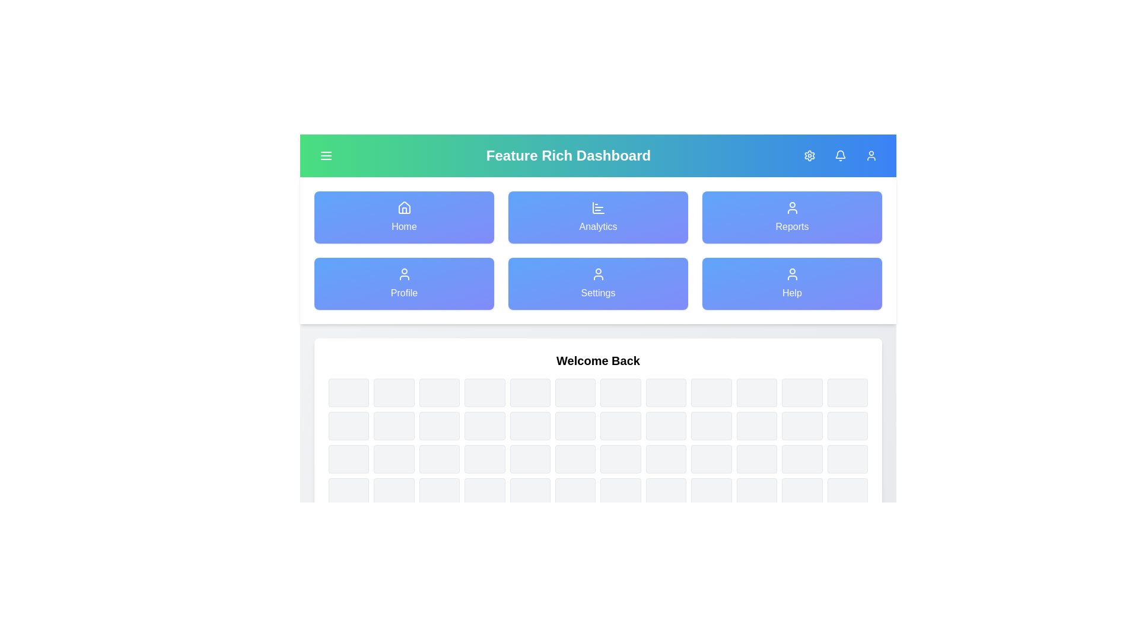  What do you see at coordinates (792, 283) in the screenshot?
I see `the navigation item labeled Help` at bounding box center [792, 283].